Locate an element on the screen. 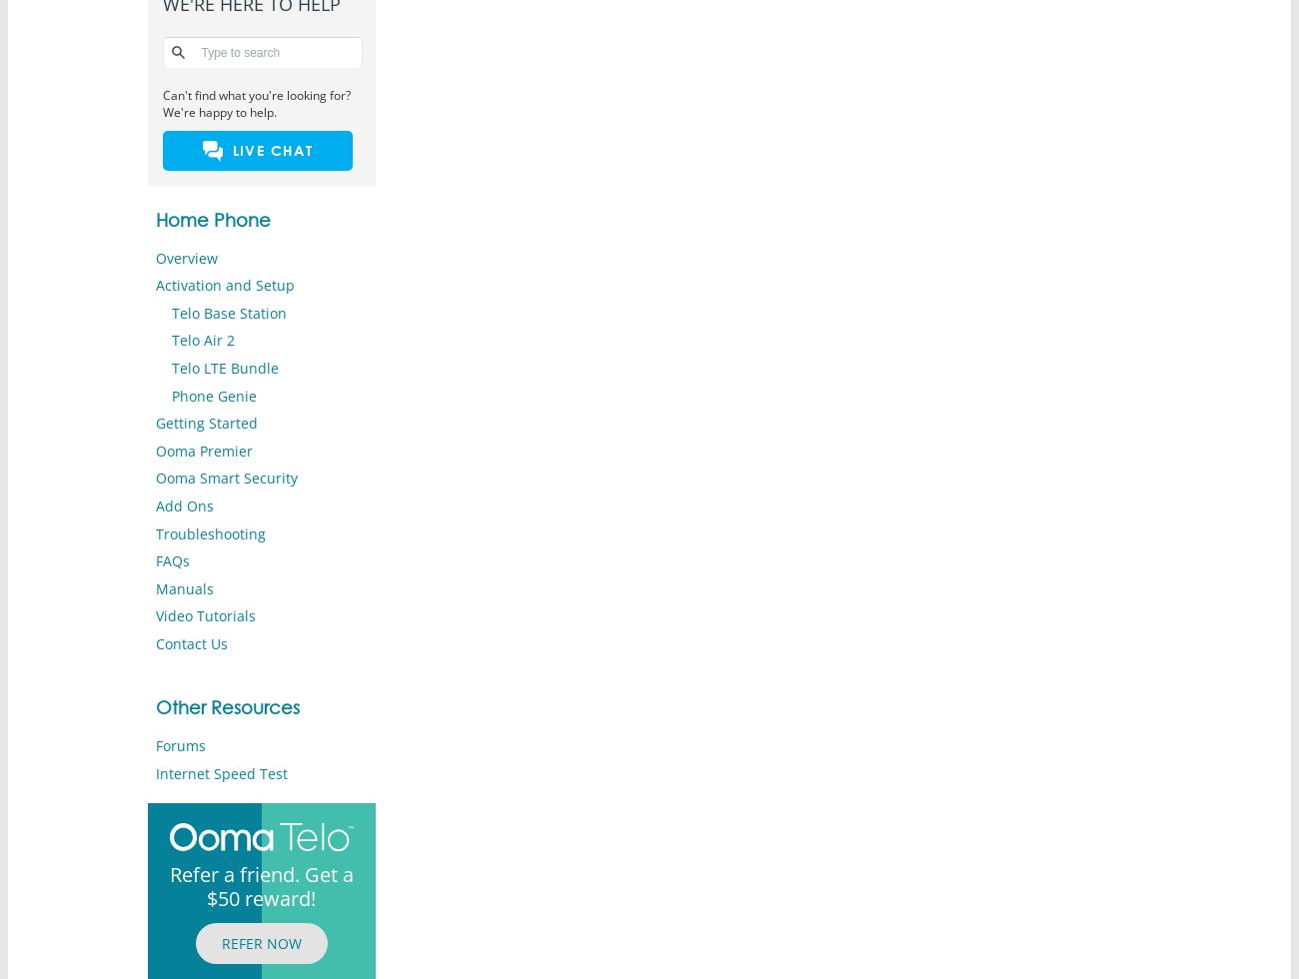 The image size is (1299, 979). 'Phone Genie' is located at coordinates (170, 395).